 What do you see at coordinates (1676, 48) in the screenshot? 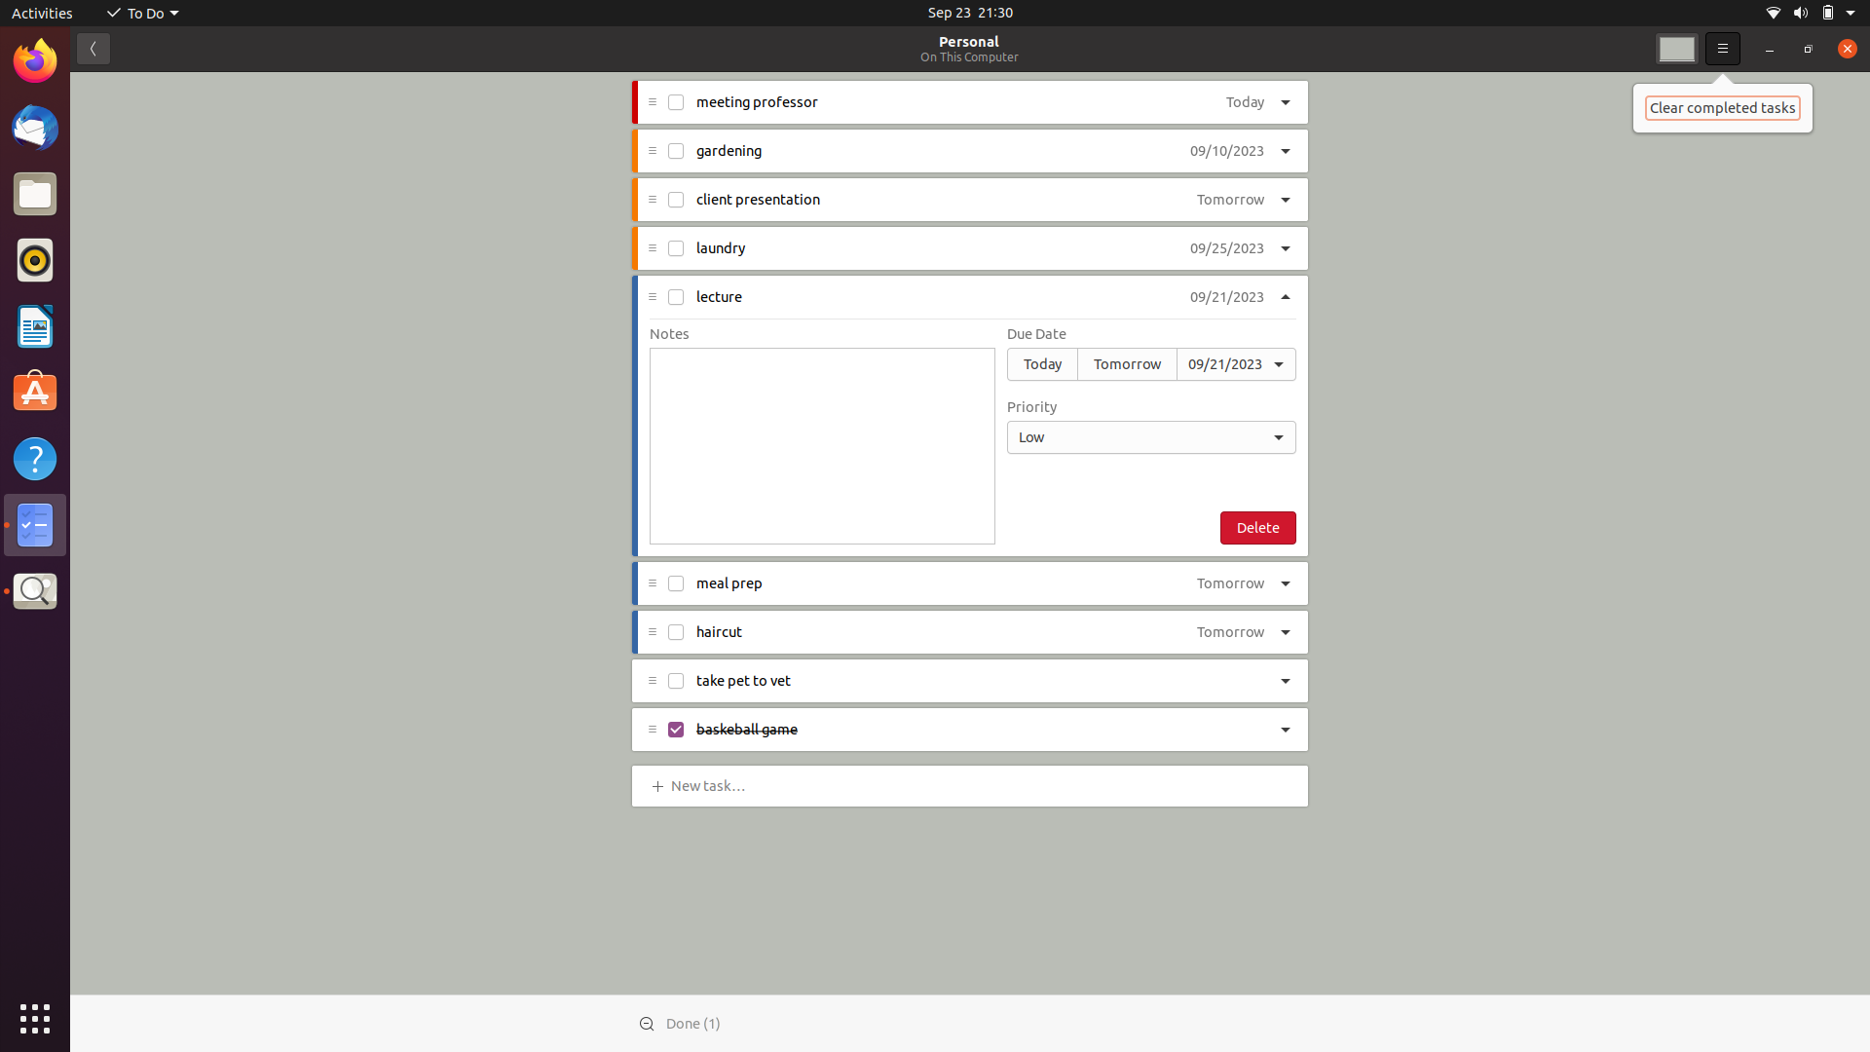
I see `the background color to the second listed option in the menu` at bounding box center [1676, 48].